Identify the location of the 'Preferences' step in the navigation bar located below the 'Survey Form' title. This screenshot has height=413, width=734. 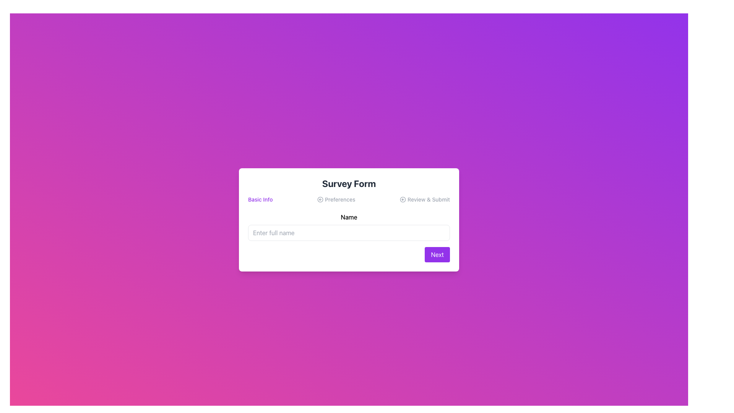
(348, 199).